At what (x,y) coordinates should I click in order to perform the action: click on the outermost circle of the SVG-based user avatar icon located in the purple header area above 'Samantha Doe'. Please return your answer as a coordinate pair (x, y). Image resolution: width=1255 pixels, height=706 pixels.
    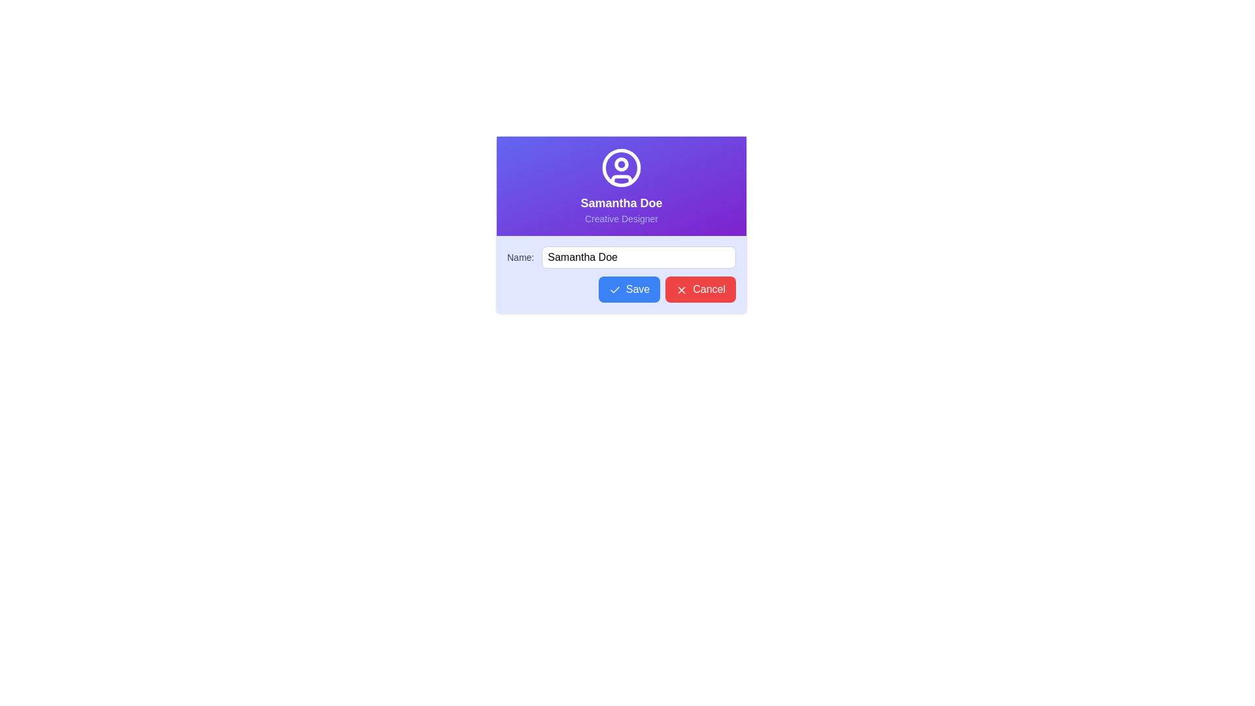
    Looking at the image, I should click on (620, 166).